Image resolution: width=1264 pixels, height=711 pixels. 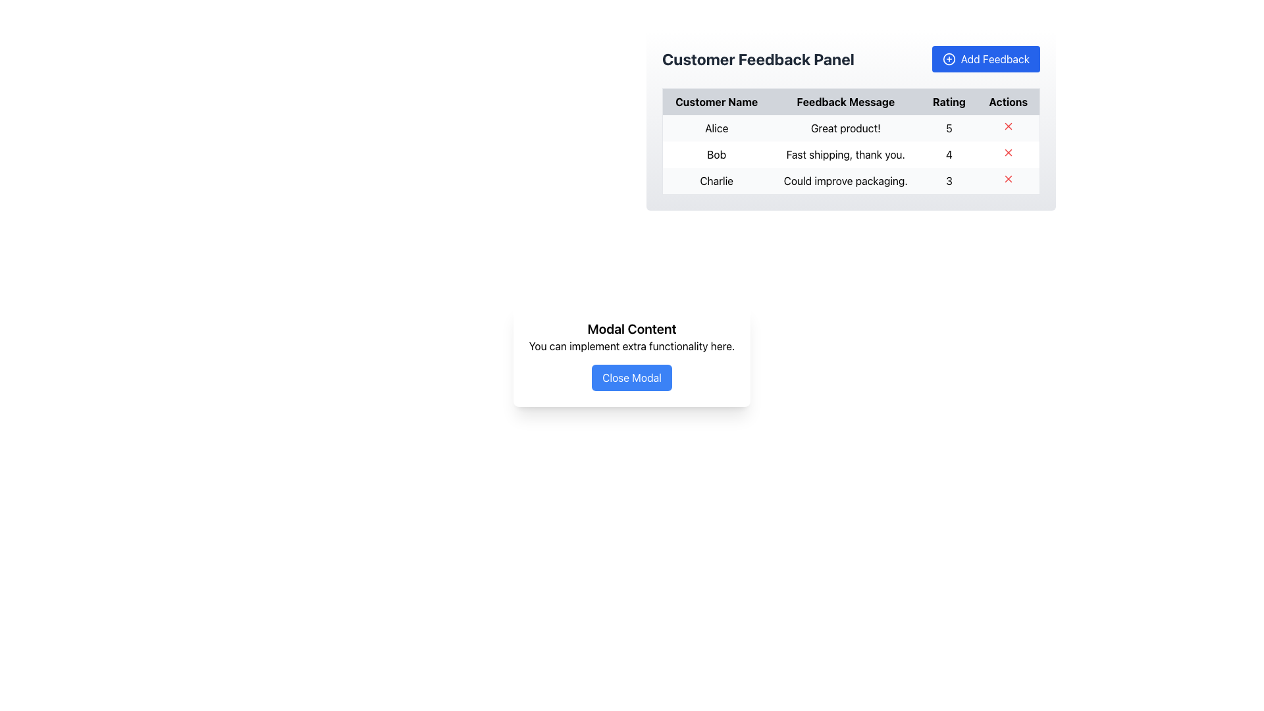 I want to click on the close or delete button in the 'Actions' column of the feedback table, so click(x=1007, y=151).